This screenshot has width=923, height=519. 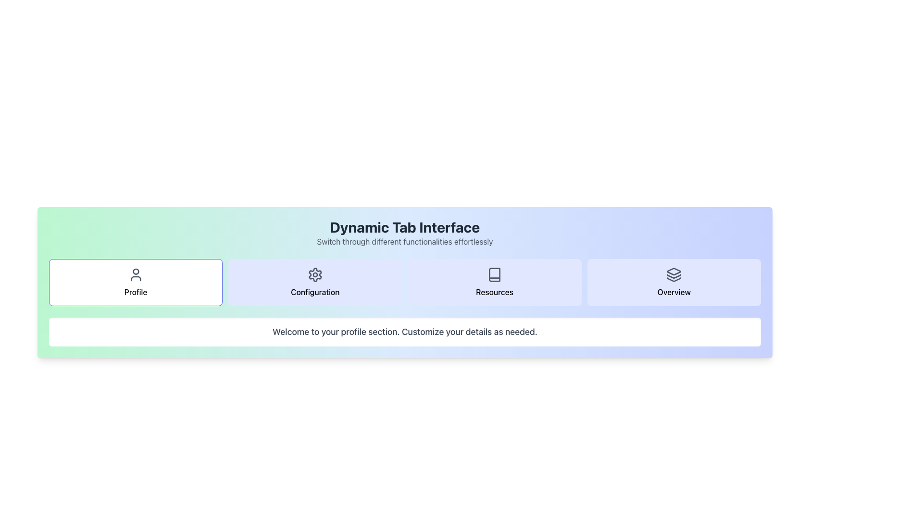 What do you see at coordinates (405, 241) in the screenshot?
I see `the text element that says 'Switch through different functionalities effortlessly', which is styled in gray font and located below the title 'Dynamic Tab Interface'` at bounding box center [405, 241].